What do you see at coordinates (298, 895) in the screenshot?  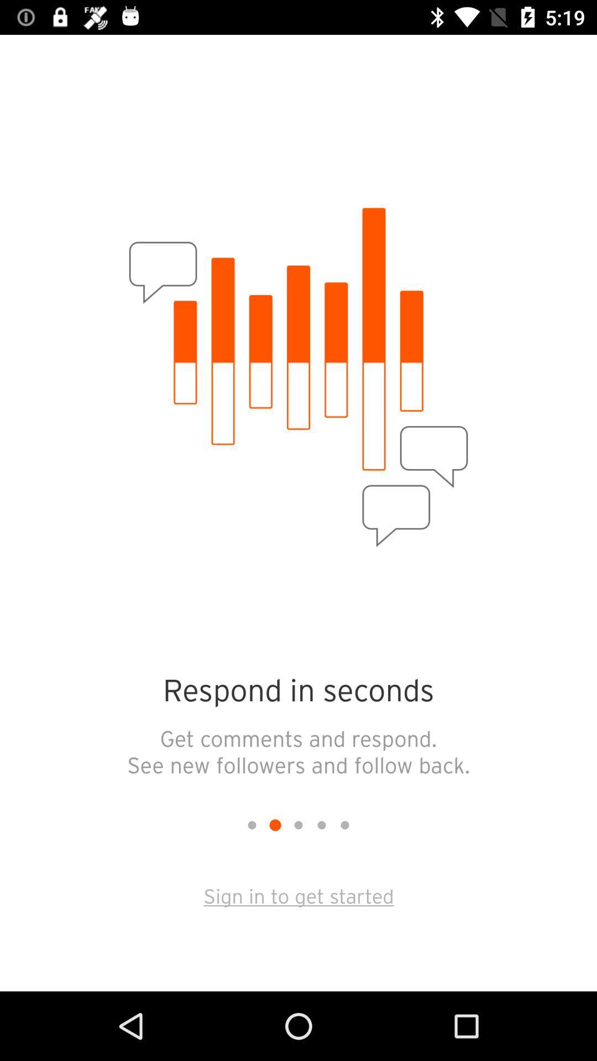 I see `sign in to item` at bounding box center [298, 895].